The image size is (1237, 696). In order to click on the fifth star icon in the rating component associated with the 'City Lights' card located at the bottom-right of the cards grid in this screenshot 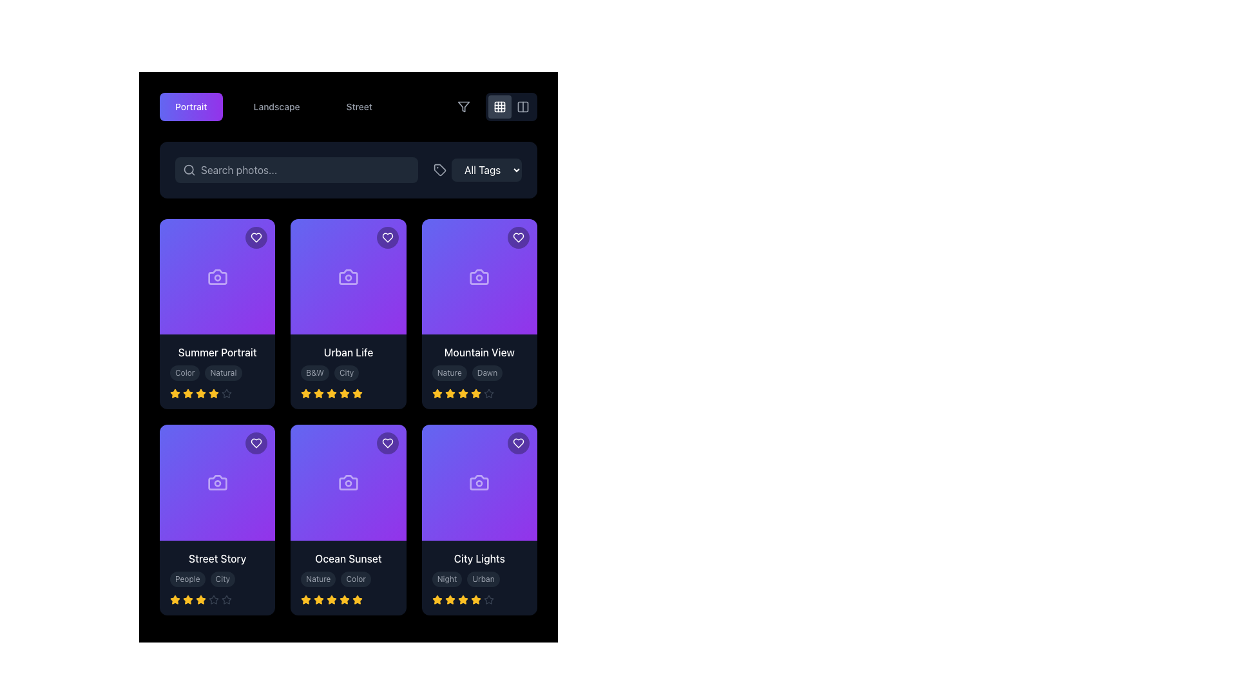, I will do `click(463, 599)`.